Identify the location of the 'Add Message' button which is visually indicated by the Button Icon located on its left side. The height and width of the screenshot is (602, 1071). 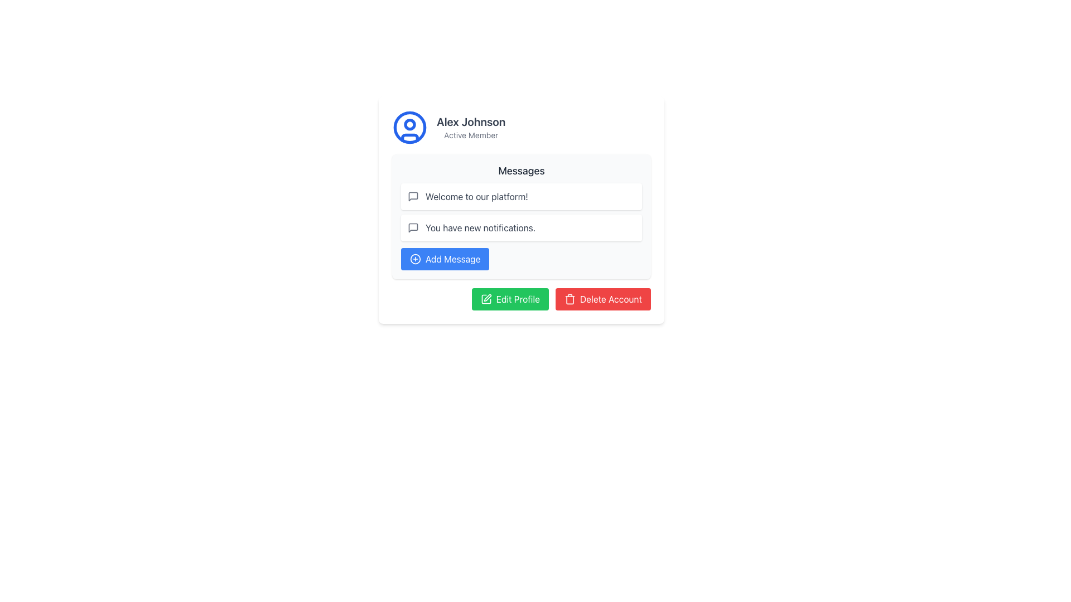
(414, 259).